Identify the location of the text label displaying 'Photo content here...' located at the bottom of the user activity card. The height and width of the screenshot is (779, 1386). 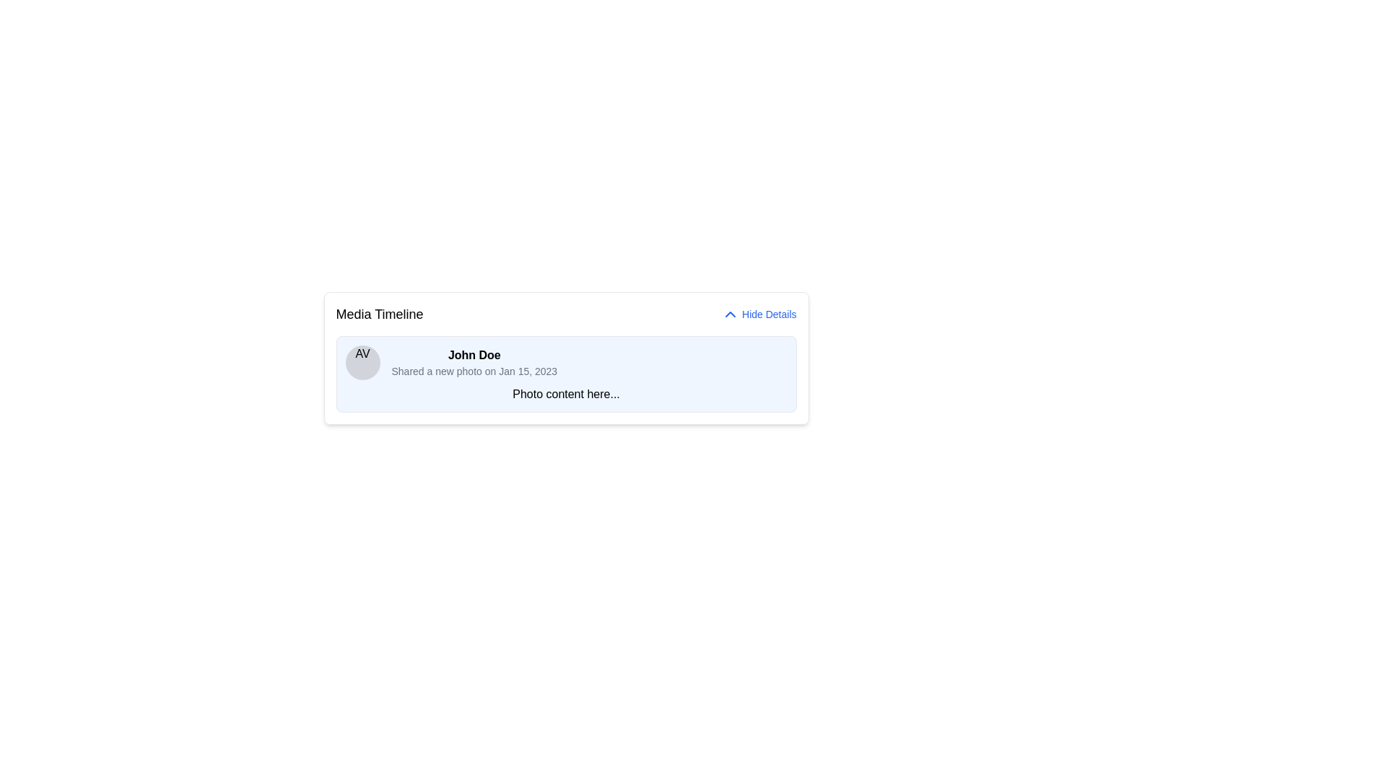
(565, 395).